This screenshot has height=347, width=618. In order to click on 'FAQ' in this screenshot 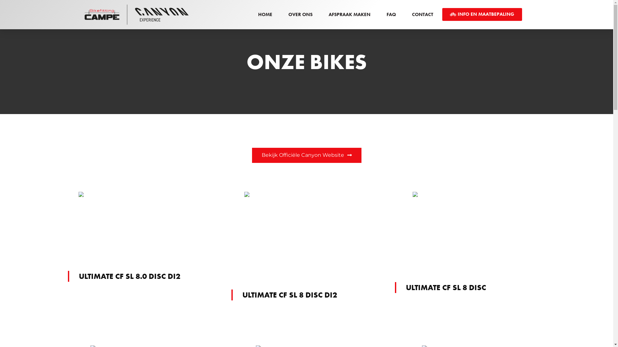, I will do `click(390, 14)`.